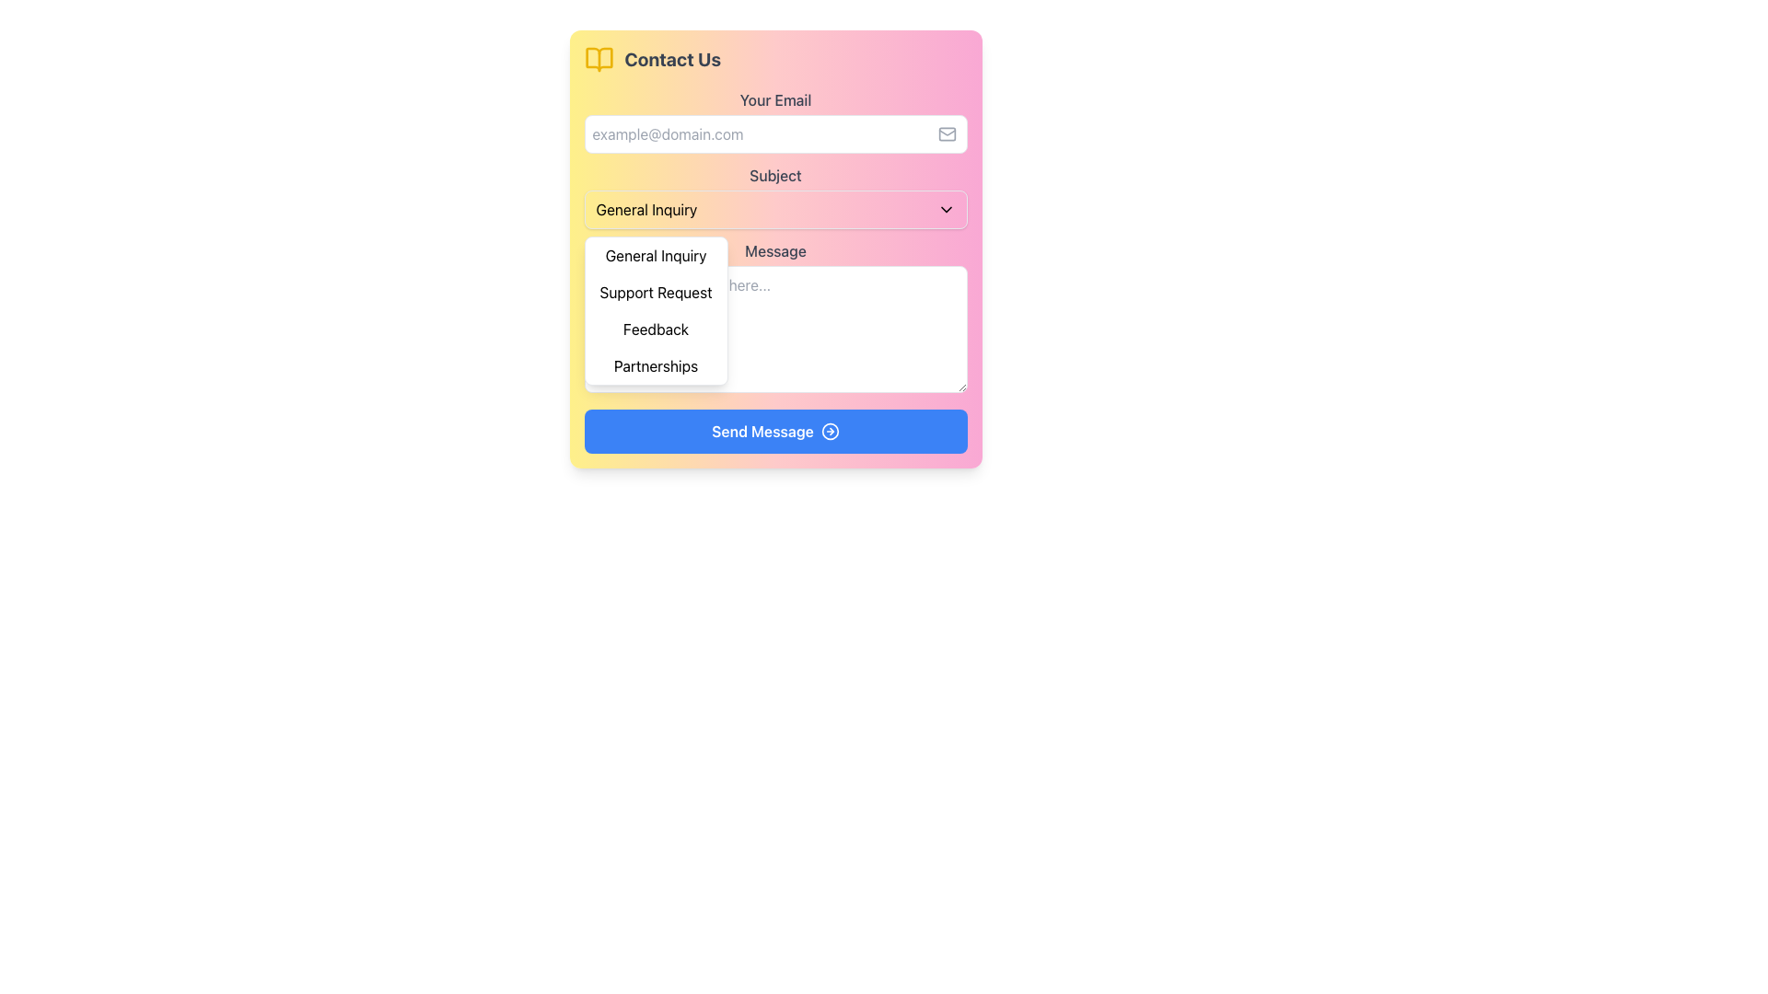  What do you see at coordinates (947, 133) in the screenshot?
I see `the email input field icon, which is located inside the 'Your Email' input field near the right-hand edge, vertically centered and slightly offset to the right` at bounding box center [947, 133].